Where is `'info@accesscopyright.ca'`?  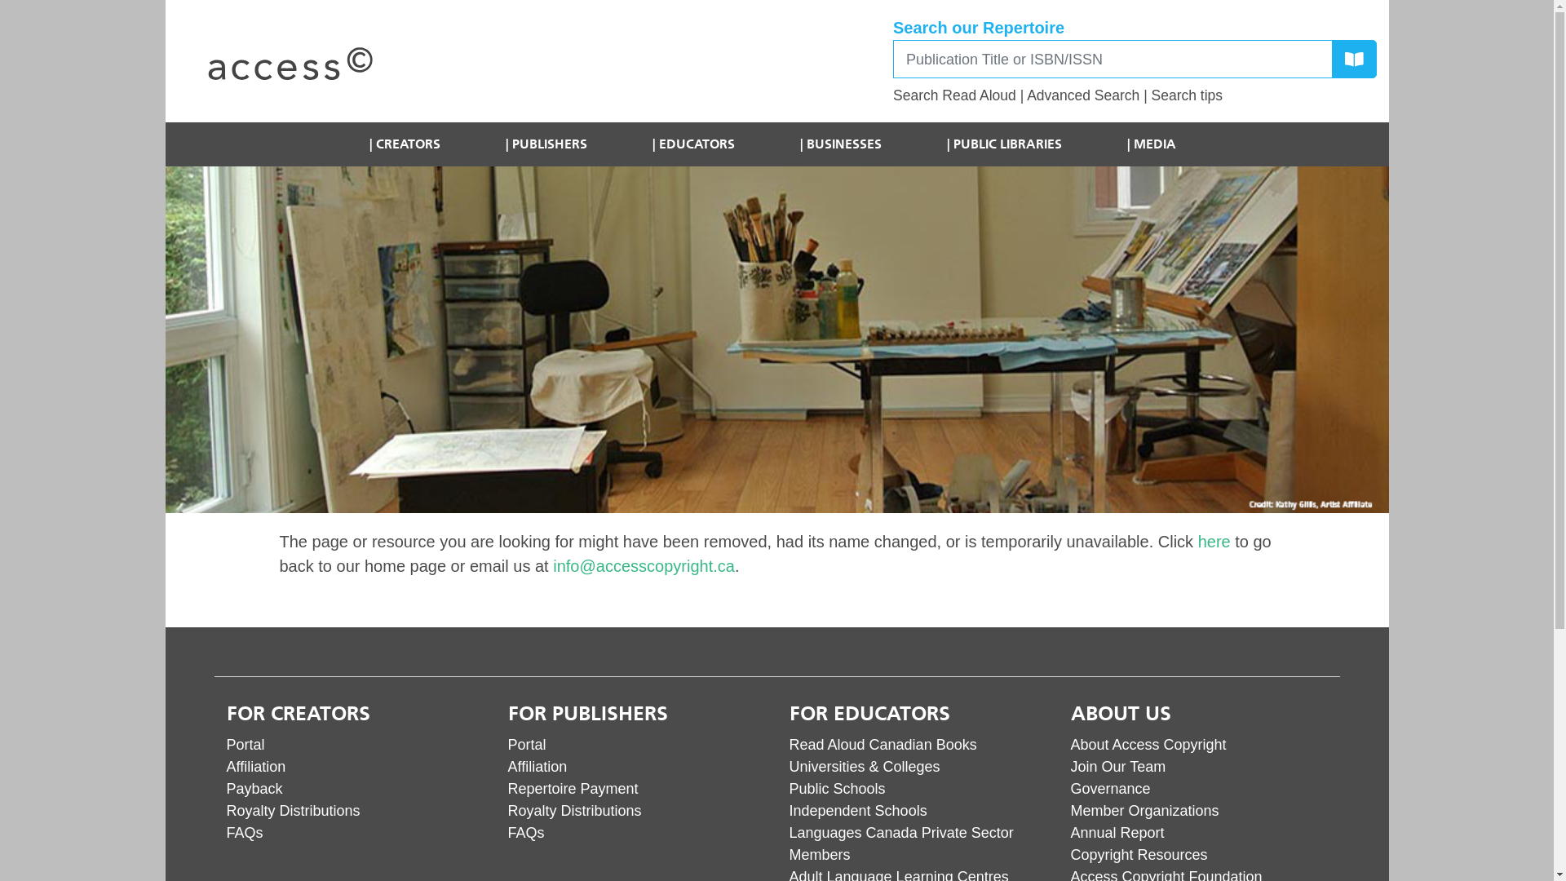
'info@accesscopyright.ca' is located at coordinates (643, 565).